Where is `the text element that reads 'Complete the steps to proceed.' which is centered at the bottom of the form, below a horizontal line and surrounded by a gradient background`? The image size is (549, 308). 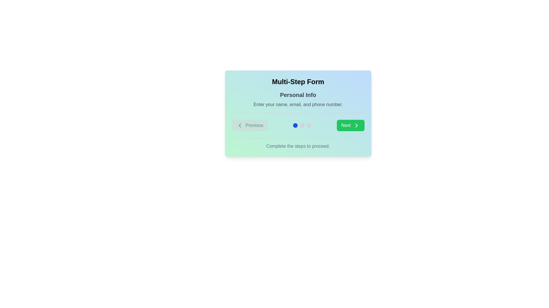
the text element that reads 'Complete the steps to proceed.' which is centered at the bottom of the form, below a horizontal line and surrounded by a gradient background is located at coordinates (298, 143).